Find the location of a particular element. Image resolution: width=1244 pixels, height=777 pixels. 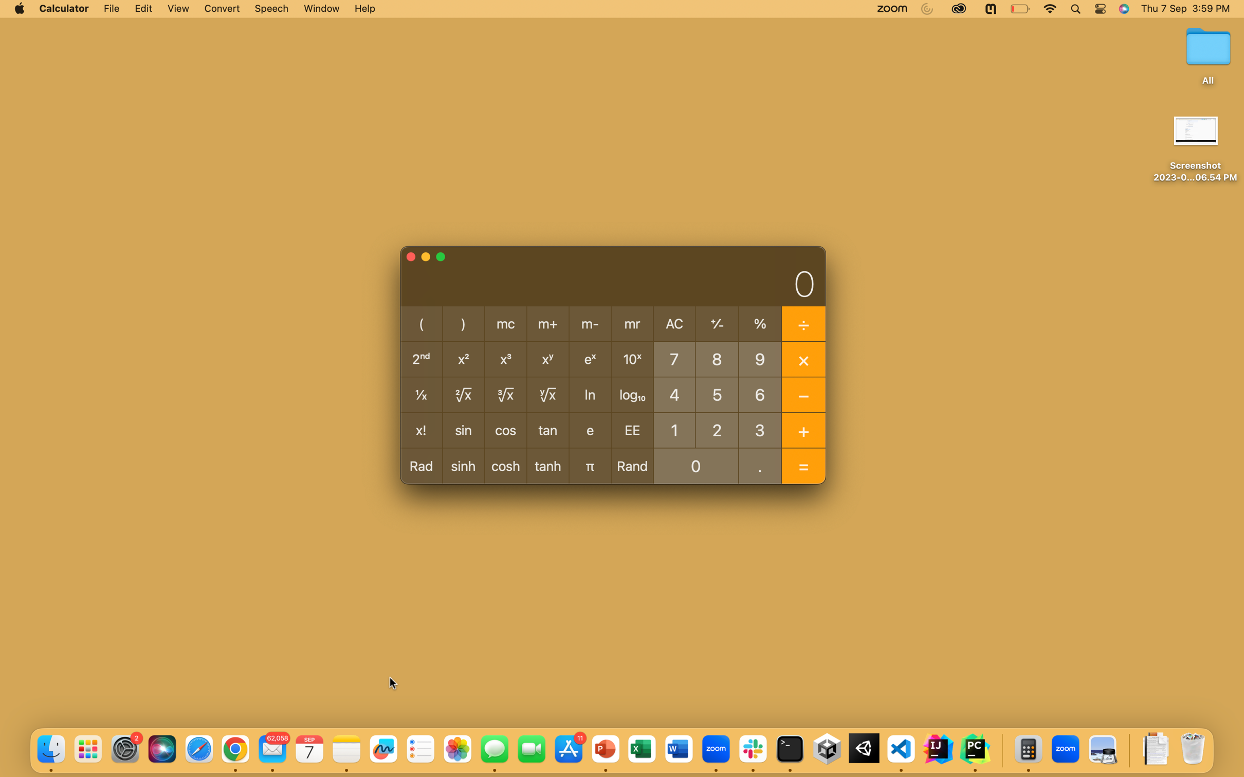

Compute the sum of 2 and 7 is located at coordinates (717, 429).